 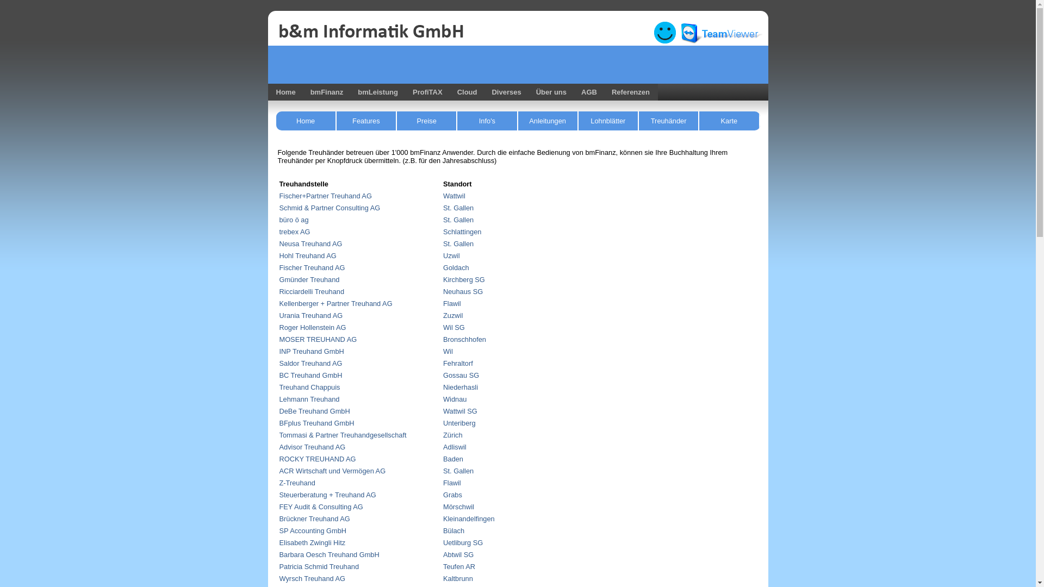 What do you see at coordinates (459, 566) in the screenshot?
I see `'Teufen AR'` at bounding box center [459, 566].